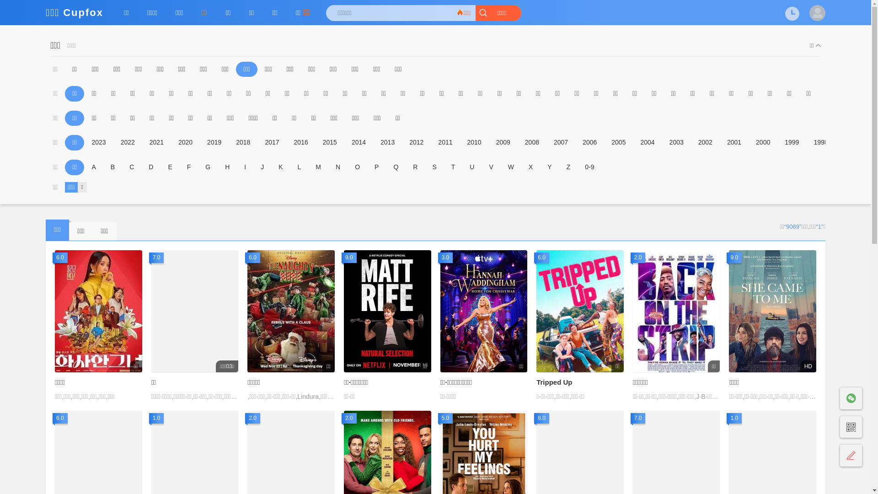 Image resolution: width=878 pixels, height=494 pixels. What do you see at coordinates (131, 167) in the screenshot?
I see `'C'` at bounding box center [131, 167].